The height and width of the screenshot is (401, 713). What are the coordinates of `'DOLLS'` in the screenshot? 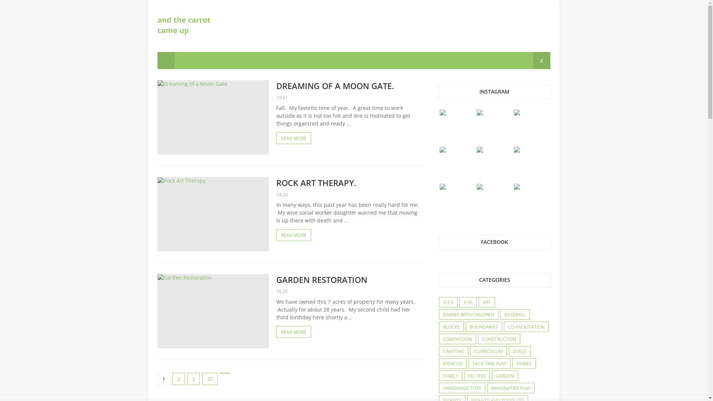 It's located at (508, 351).